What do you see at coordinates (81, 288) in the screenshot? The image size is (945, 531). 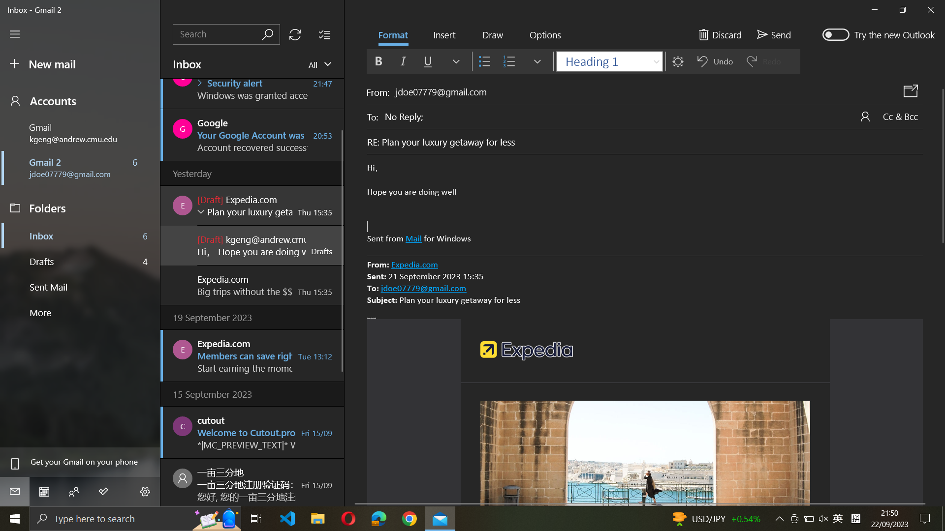 I see `Sent Mails section` at bounding box center [81, 288].